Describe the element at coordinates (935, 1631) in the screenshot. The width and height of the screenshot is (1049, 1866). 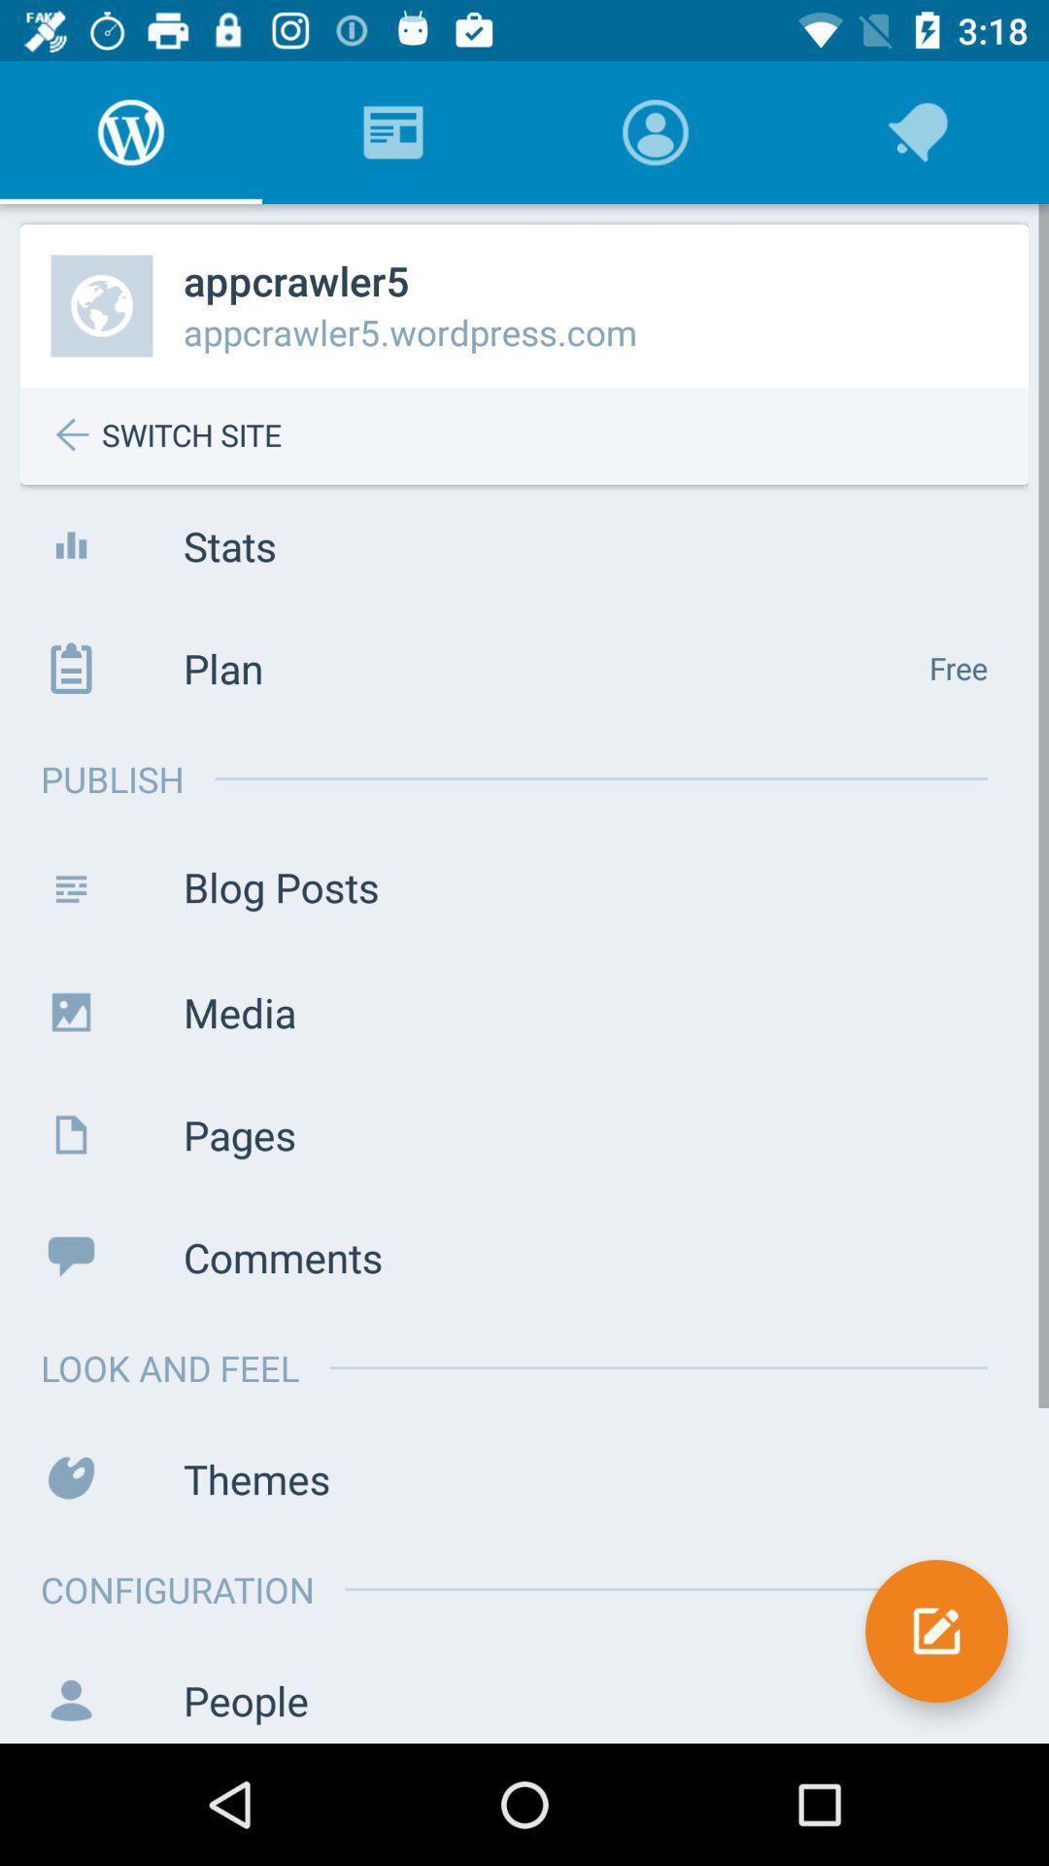
I see `the edit icon` at that location.